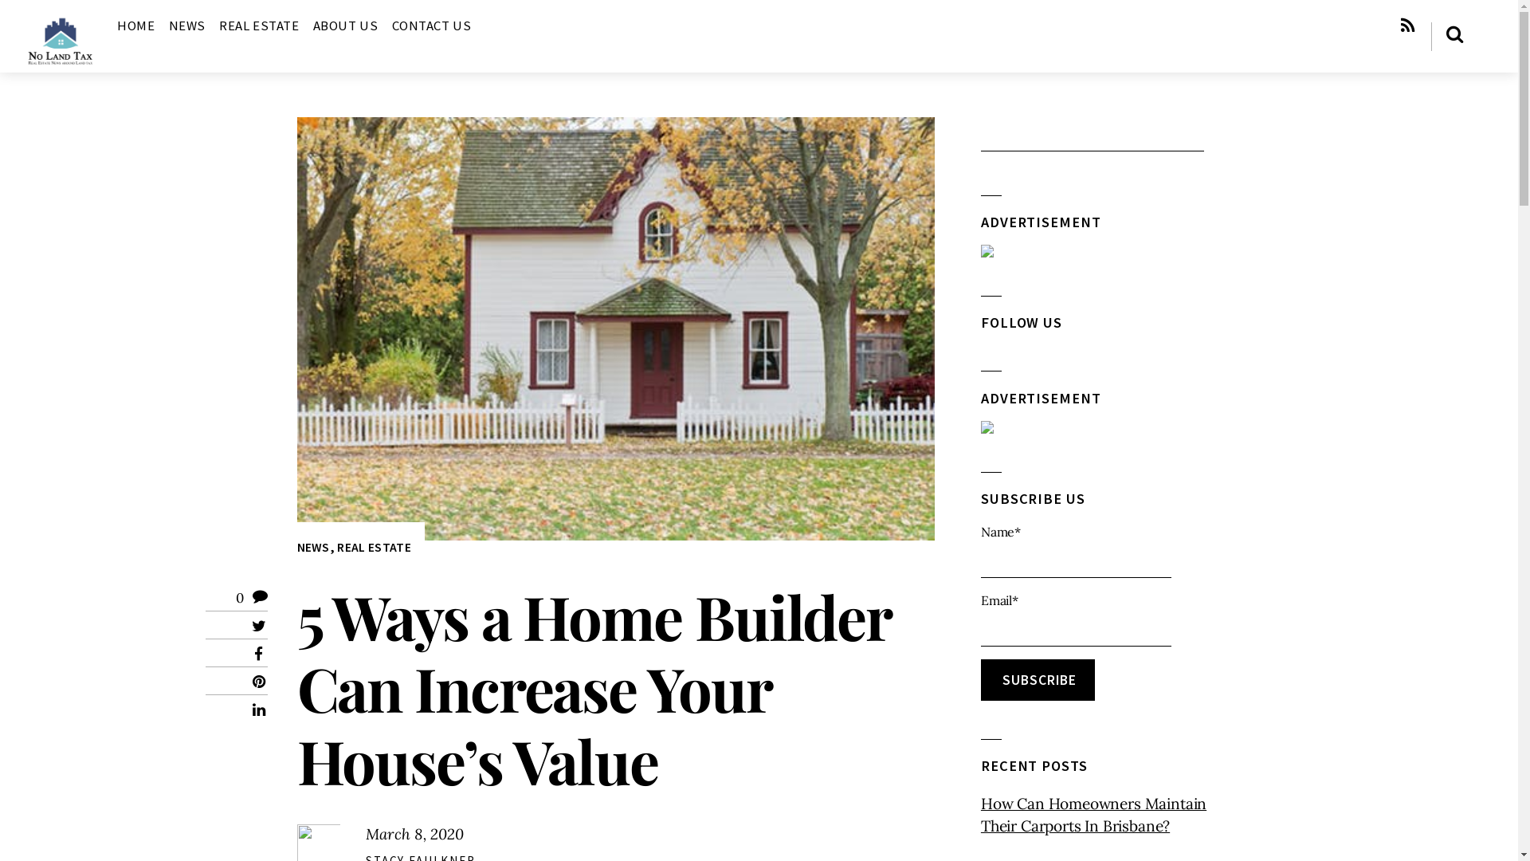 Image resolution: width=1530 pixels, height=861 pixels. I want to click on 'No Land Tax', so click(61, 41).